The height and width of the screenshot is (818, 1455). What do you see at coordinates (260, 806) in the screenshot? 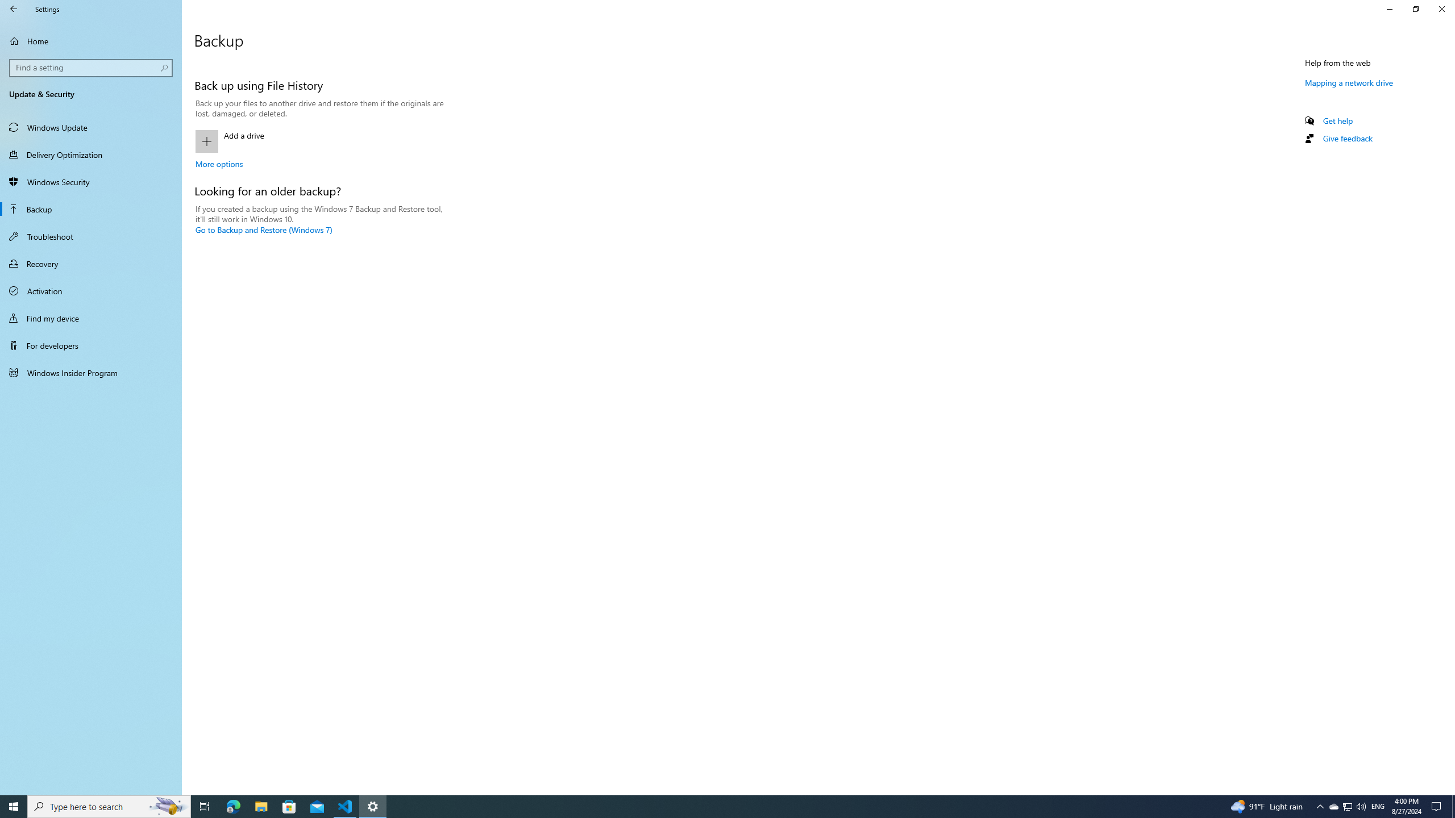
I see `'File Explorer'` at bounding box center [260, 806].